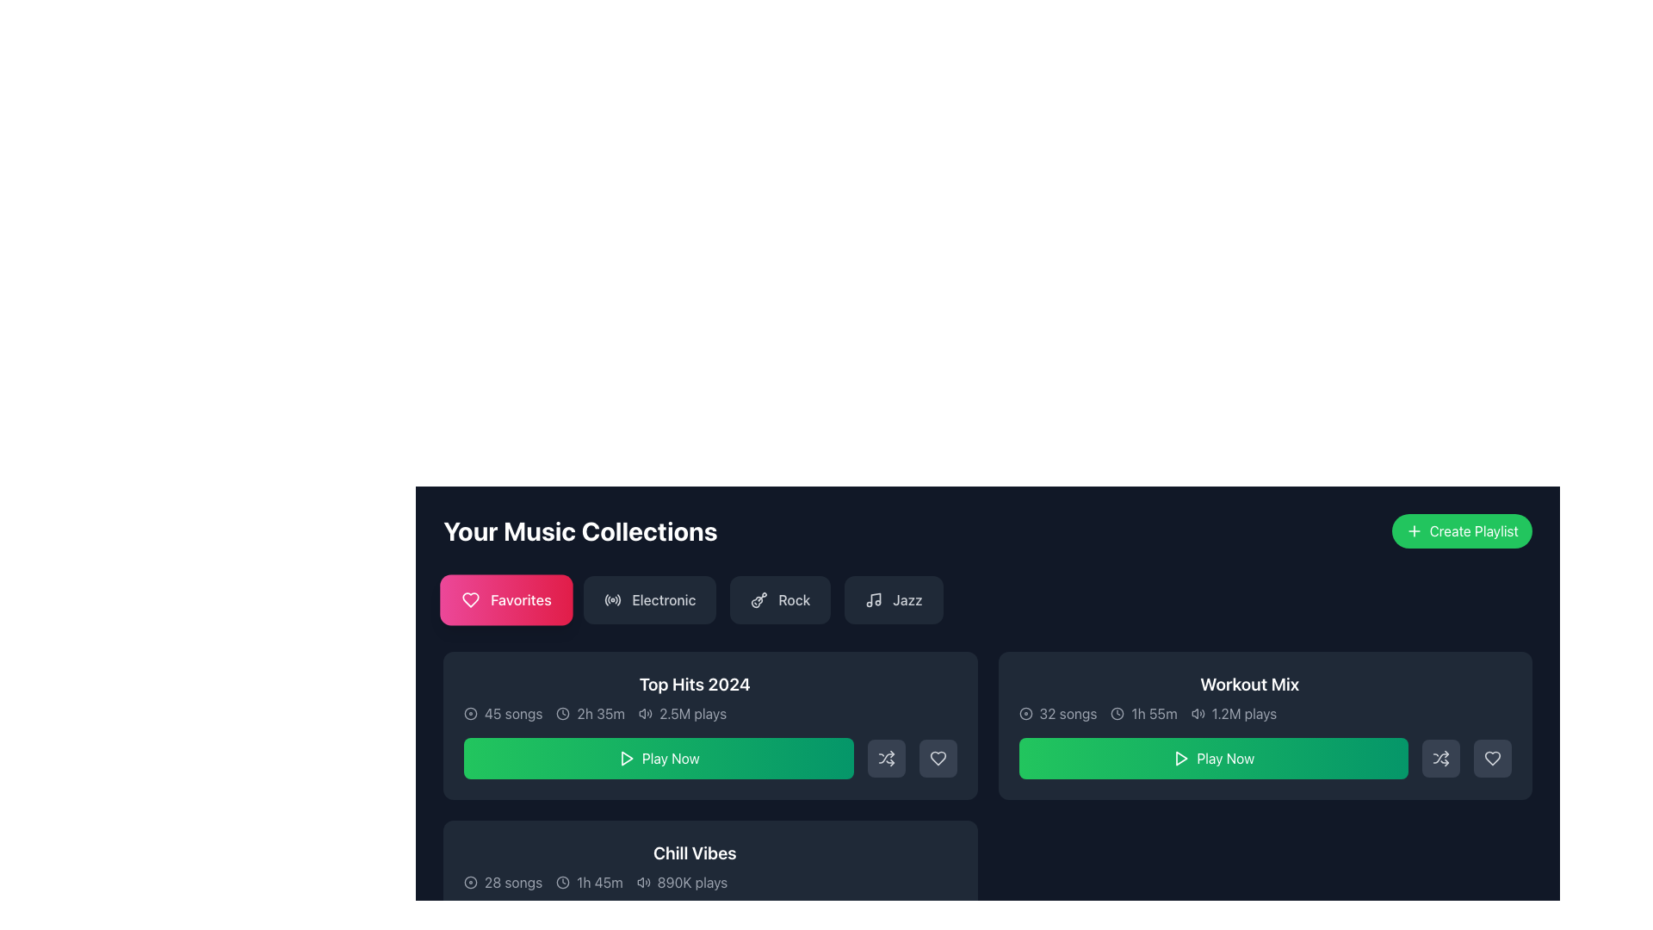 This screenshot has width=1653, height=930. I want to click on the label that displays the total duration of the playlist, located below the title 'Top Hits 2024' and adjacent to the '45 songs' label on its left, so click(591, 714).